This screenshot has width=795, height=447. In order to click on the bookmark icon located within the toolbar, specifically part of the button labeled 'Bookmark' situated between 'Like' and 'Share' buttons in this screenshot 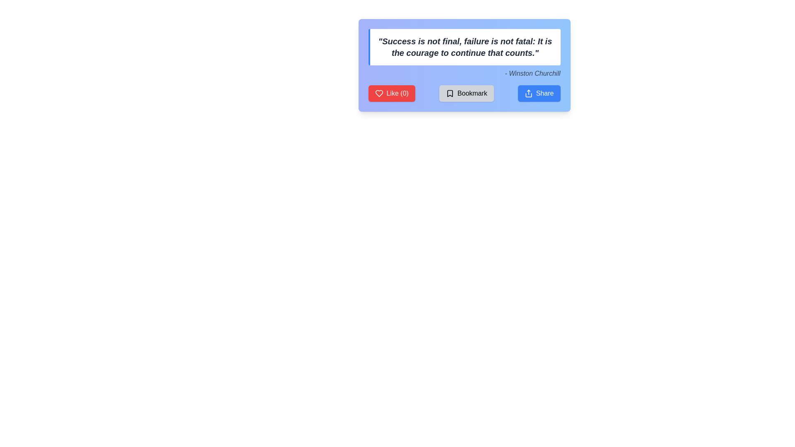, I will do `click(449, 93)`.